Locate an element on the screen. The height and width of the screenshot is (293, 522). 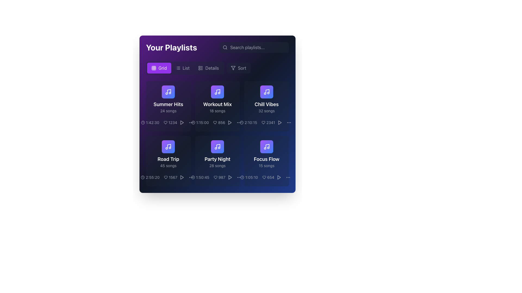
the label displaying the duration of the 'Party Night' playlist, located below the song count and to the left of the likes indicator is located at coordinates (200, 177).